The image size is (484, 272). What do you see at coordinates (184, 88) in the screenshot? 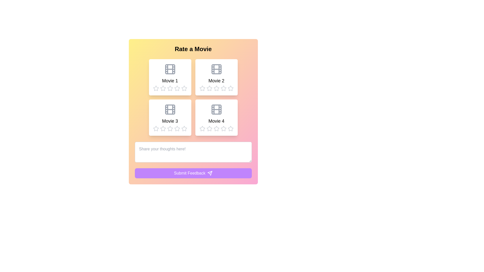
I see `the 4th star icon in the rating system for 'Movie 1'` at bounding box center [184, 88].